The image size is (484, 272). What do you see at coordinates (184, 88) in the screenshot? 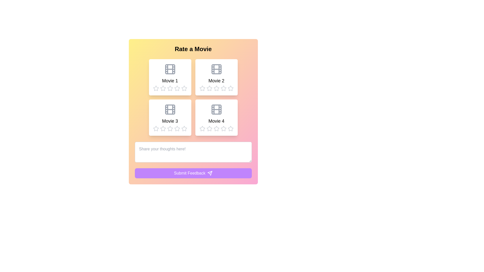
I see `the 4th star icon in the rating system for 'Movie 1'` at bounding box center [184, 88].